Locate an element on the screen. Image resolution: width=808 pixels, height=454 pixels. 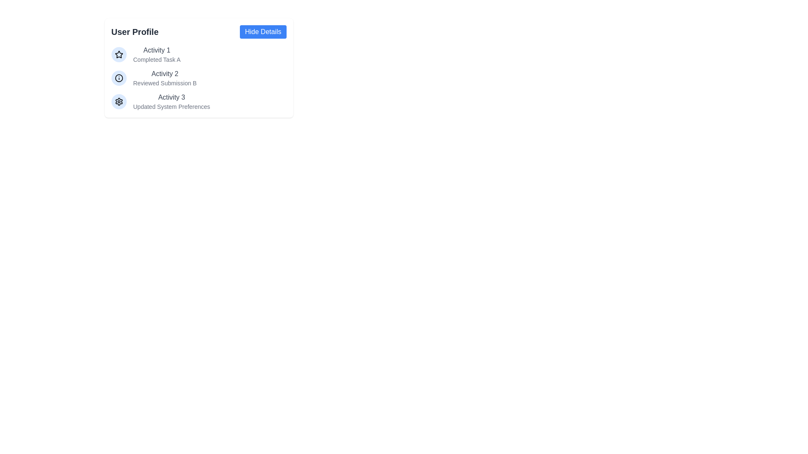
the second activity indicator labeled 'Activity 2: Reviewed Submission B' within the user profile card is located at coordinates (118, 78).